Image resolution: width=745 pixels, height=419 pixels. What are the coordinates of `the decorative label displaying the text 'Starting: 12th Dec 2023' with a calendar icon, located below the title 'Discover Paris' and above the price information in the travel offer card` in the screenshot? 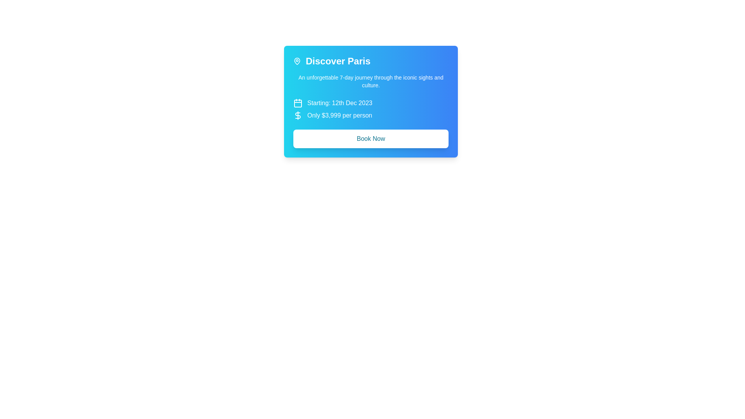 It's located at (370, 103).